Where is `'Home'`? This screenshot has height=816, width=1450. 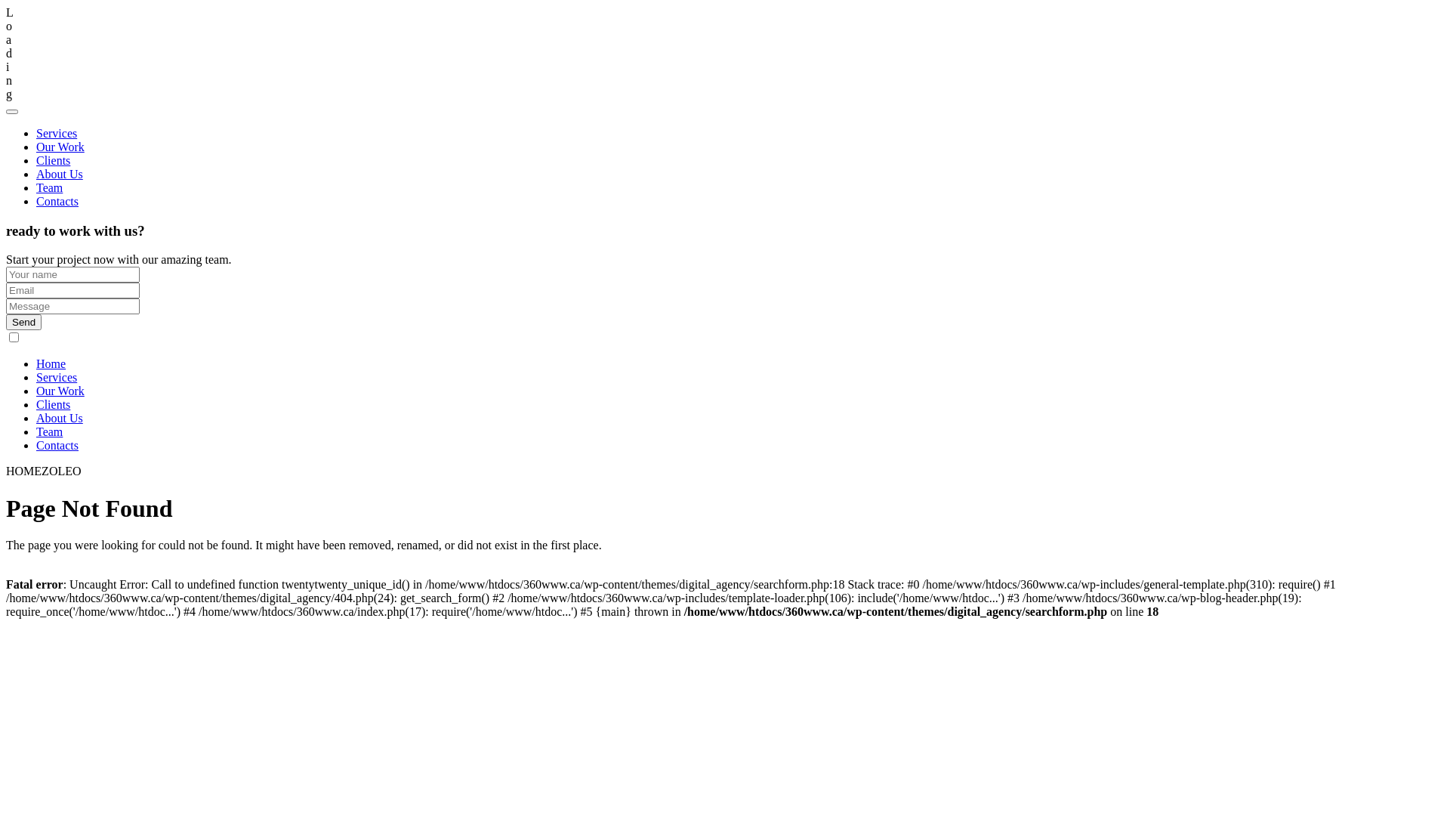
'Home' is located at coordinates (51, 363).